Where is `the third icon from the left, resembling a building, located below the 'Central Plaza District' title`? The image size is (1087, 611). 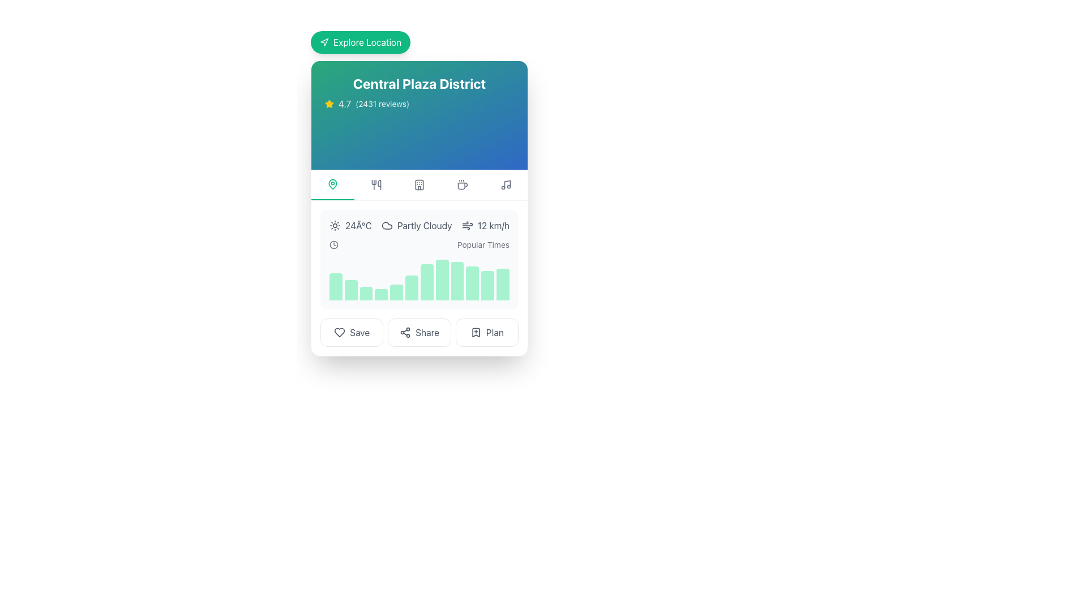
the third icon from the left, resembling a building, located below the 'Central Plaza District' title is located at coordinates (418, 184).